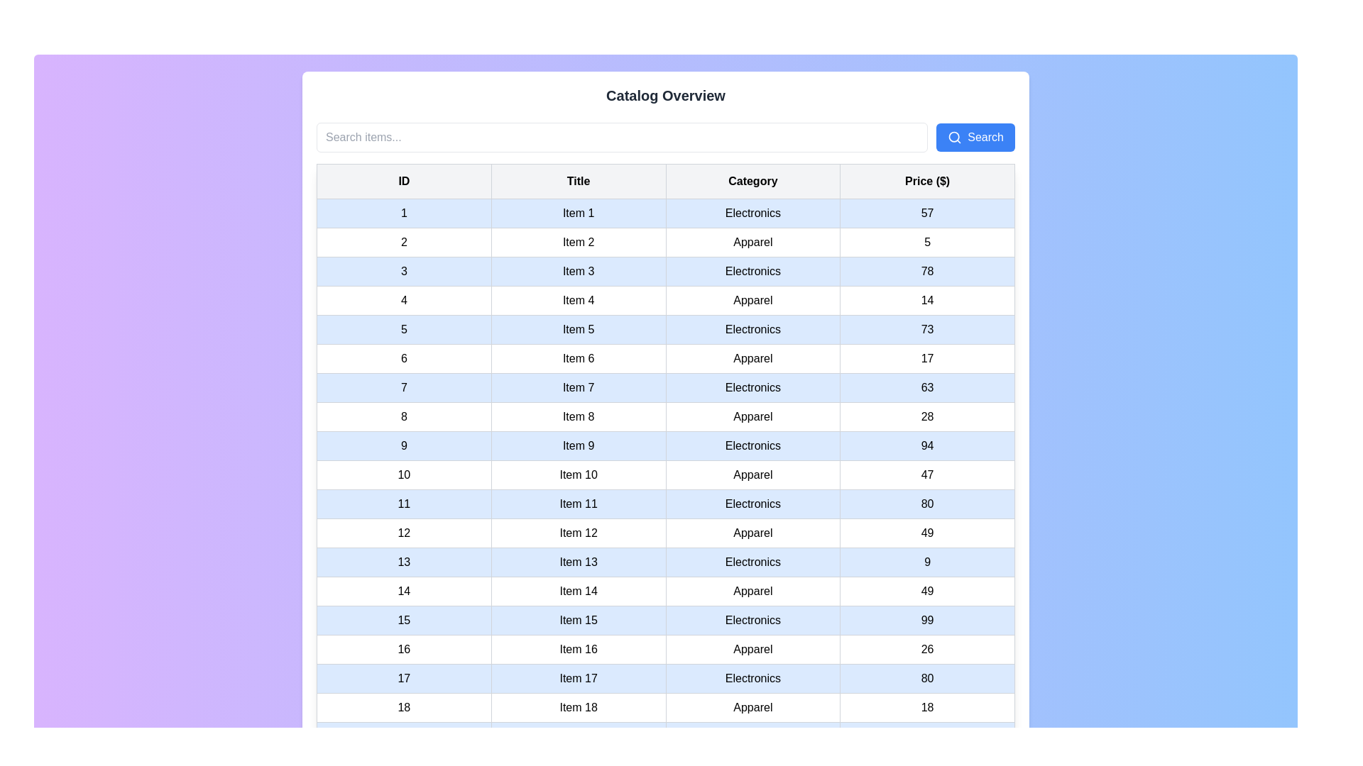  I want to click on text cell displaying 'Electronics' located in the 'Category' column of the row labeled 'Item 11' in the data table, so click(752, 503).